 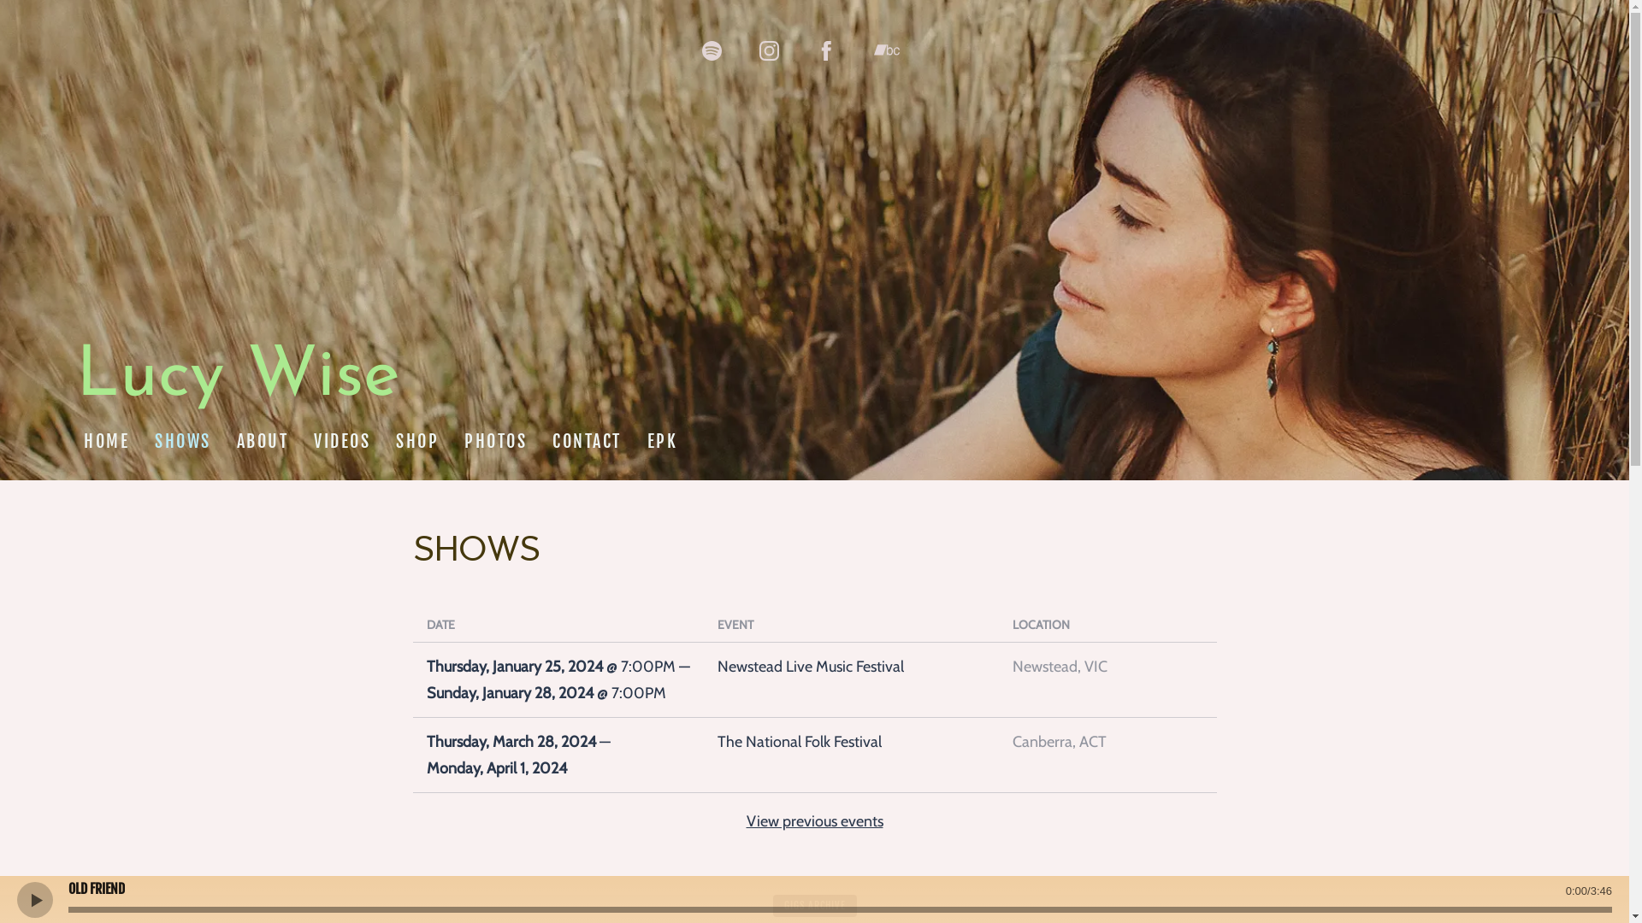 I want to click on 'VIDEOS', so click(x=304, y=440).